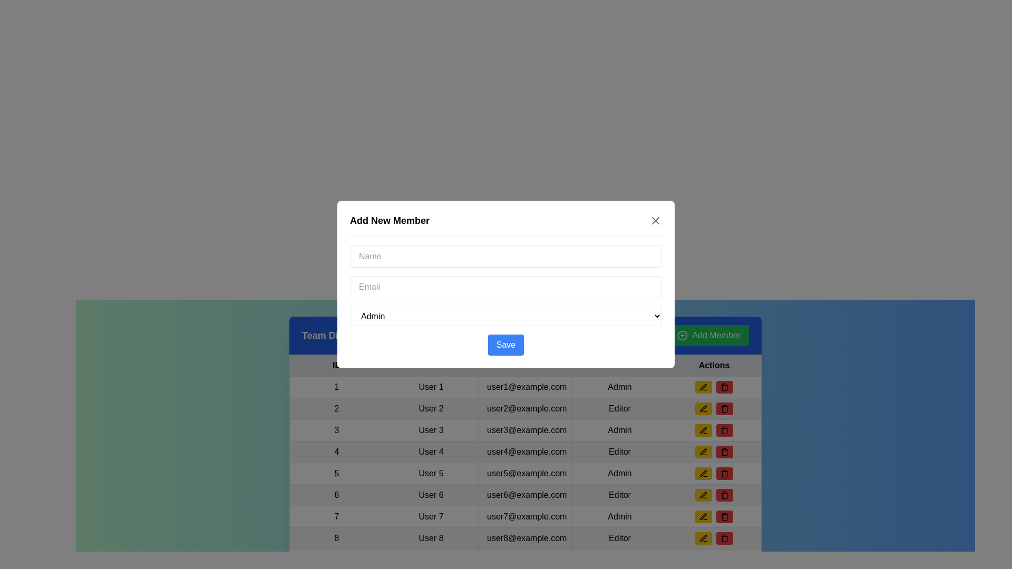  Describe the element at coordinates (683, 335) in the screenshot. I see `the circular green icon with a plus symbol inside, which is located to the left of the 'Add Member' text in the green button at the top right section of the interface` at that location.